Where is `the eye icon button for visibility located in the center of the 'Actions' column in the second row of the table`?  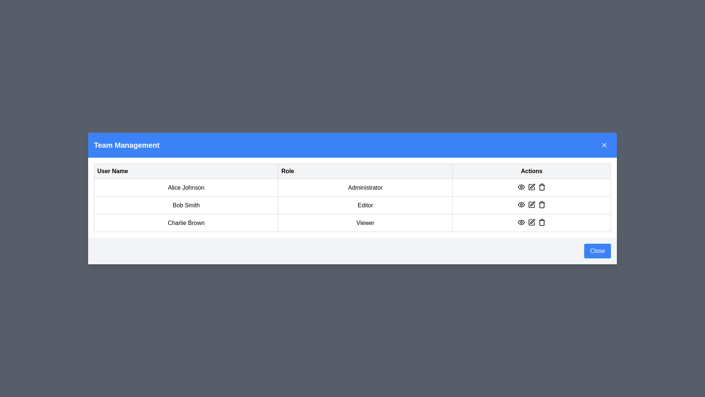 the eye icon button for visibility located in the center of the 'Actions' column in the second row of the table is located at coordinates (521, 204).